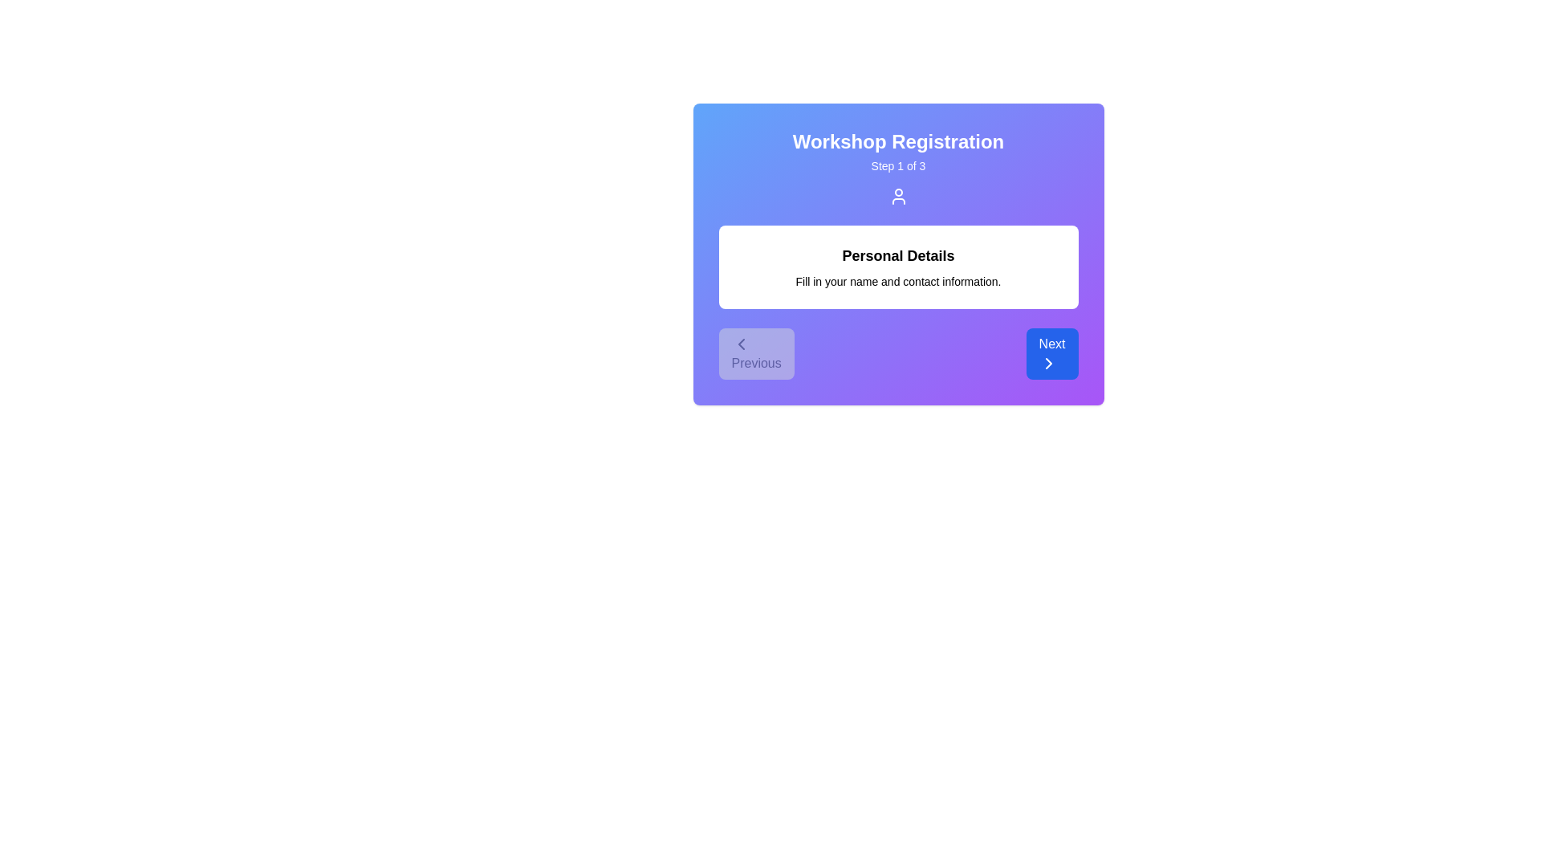  What do you see at coordinates (897, 255) in the screenshot?
I see `the section labeled 'Personal Details' using the prominent text label that is bold` at bounding box center [897, 255].